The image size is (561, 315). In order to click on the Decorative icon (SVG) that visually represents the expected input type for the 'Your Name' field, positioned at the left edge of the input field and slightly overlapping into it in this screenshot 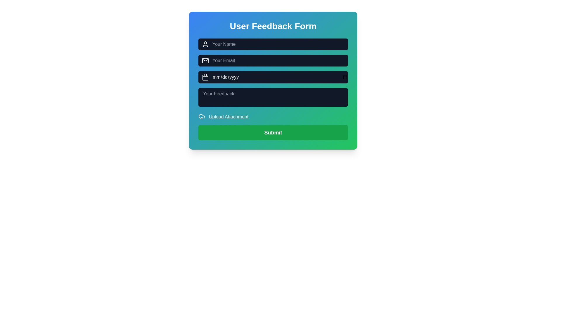, I will do `click(205, 44)`.